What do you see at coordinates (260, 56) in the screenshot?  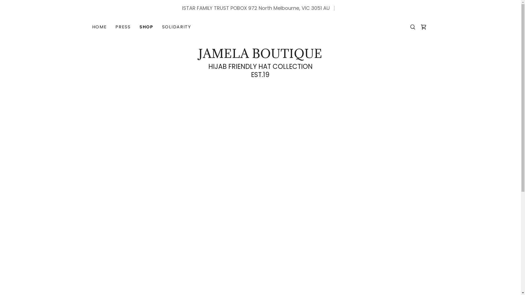 I see `'JAMELA BOUTIQUE'` at bounding box center [260, 56].